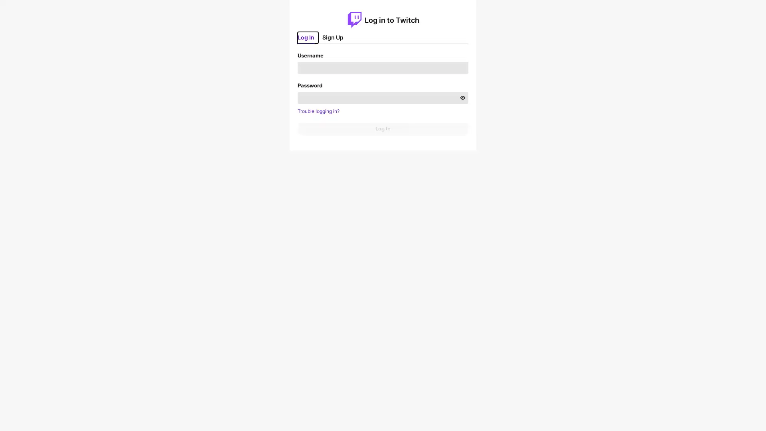  What do you see at coordinates (383, 128) in the screenshot?
I see `Log In` at bounding box center [383, 128].